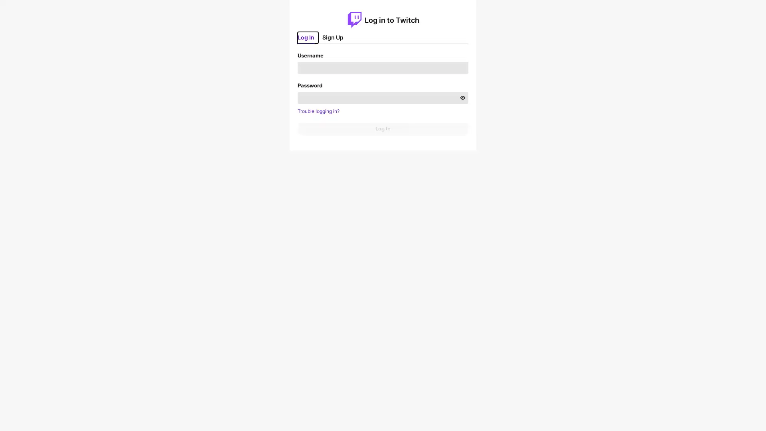  What do you see at coordinates (383, 128) in the screenshot?
I see `Log In` at bounding box center [383, 128].